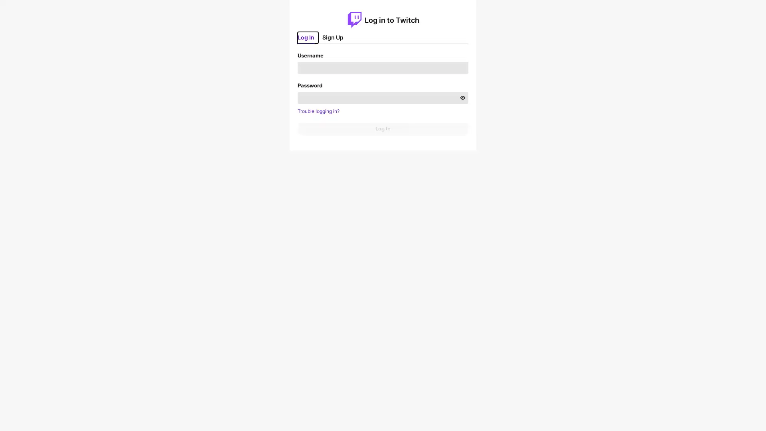  What do you see at coordinates (383, 128) in the screenshot?
I see `Log In` at bounding box center [383, 128].